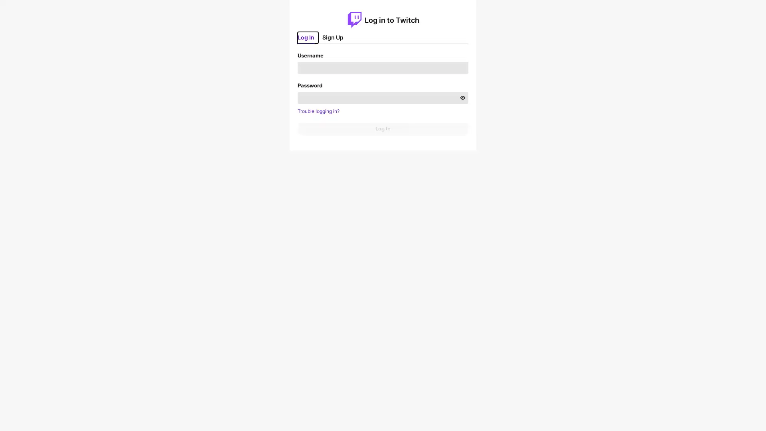  What do you see at coordinates (383, 128) in the screenshot?
I see `Log In` at bounding box center [383, 128].